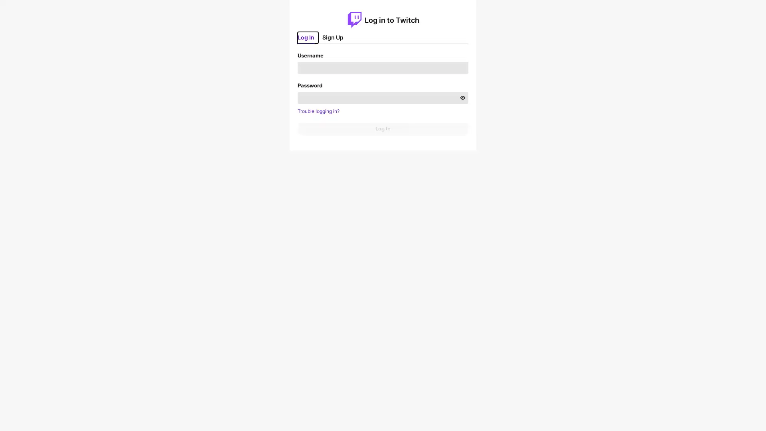  What do you see at coordinates (383, 128) in the screenshot?
I see `Log In` at bounding box center [383, 128].